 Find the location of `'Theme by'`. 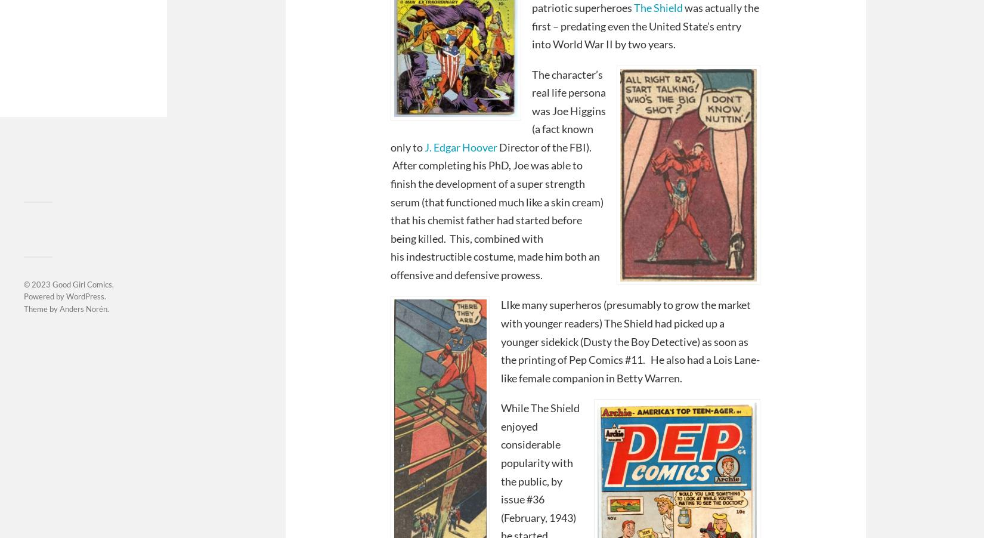

'Theme by' is located at coordinates (41, 308).